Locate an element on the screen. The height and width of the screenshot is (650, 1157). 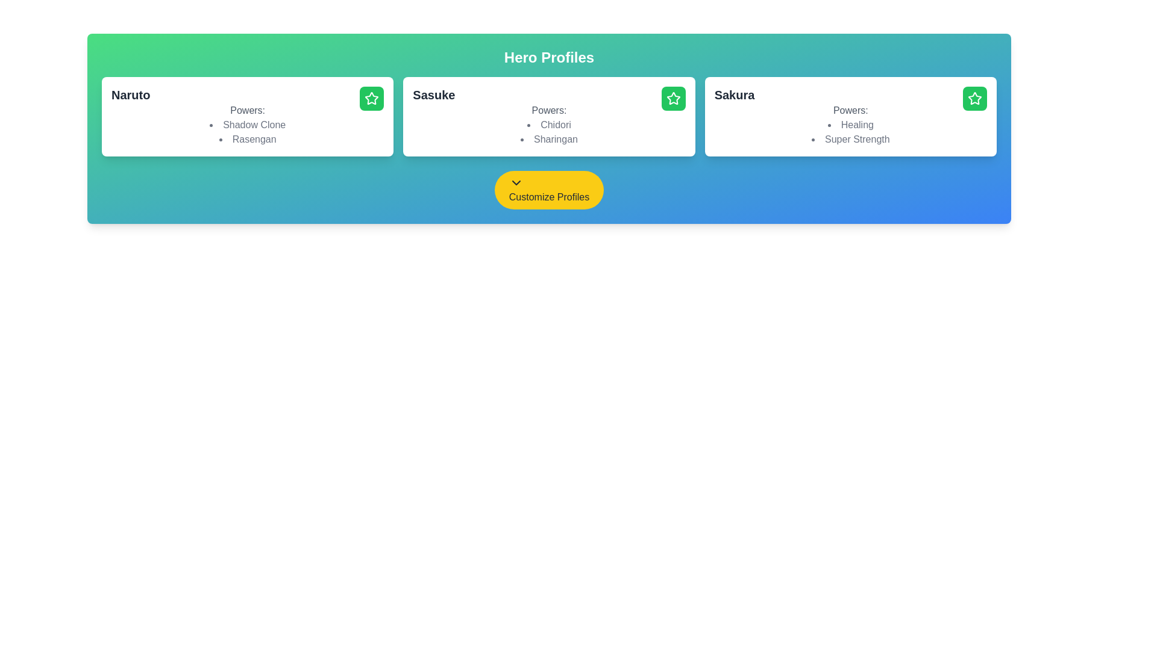
the star icon with a green background located in the top-right corner of the 'Naruto' card, next to the label text is located at coordinates (371, 98).